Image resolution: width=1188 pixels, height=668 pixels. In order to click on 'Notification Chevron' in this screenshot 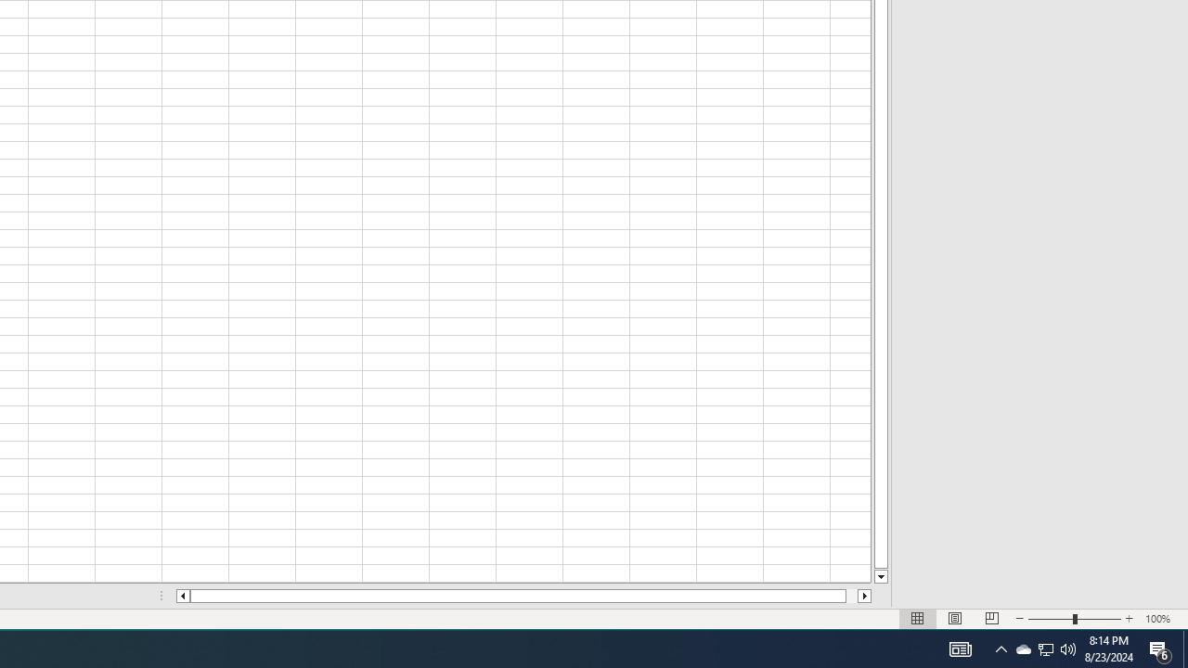, I will do `click(1001, 648)`.